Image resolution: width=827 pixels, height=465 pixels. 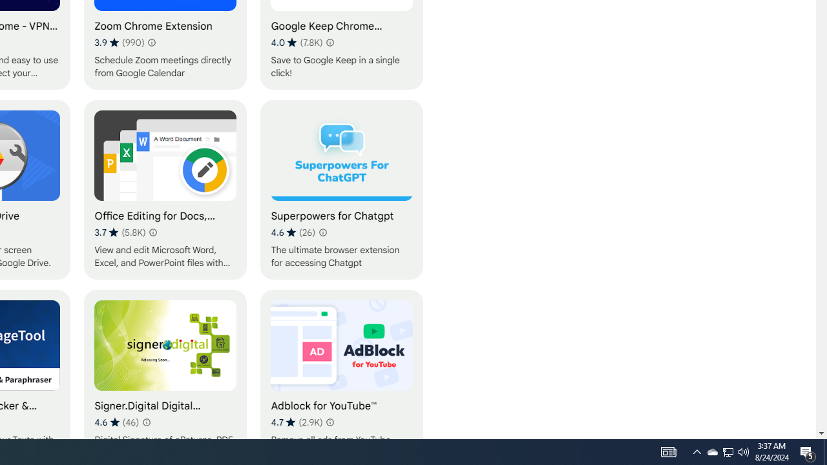 What do you see at coordinates (117, 422) in the screenshot?
I see `'Average rating 4.6 out of 5 stars. 46 ratings.'` at bounding box center [117, 422].